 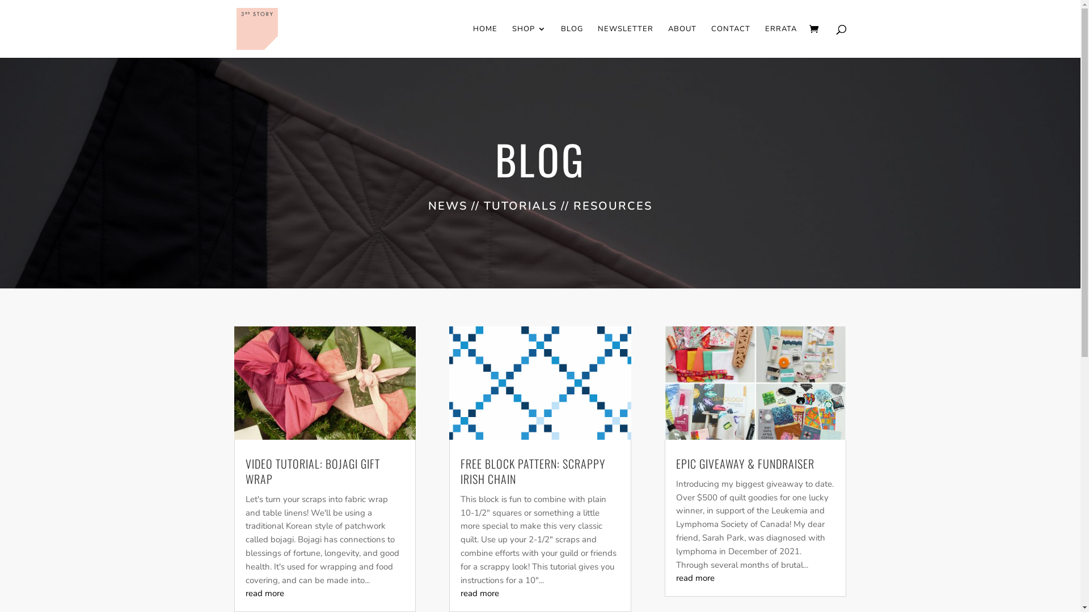 I want to click on 'NEWSLETTER', so click(x=625, y=41).